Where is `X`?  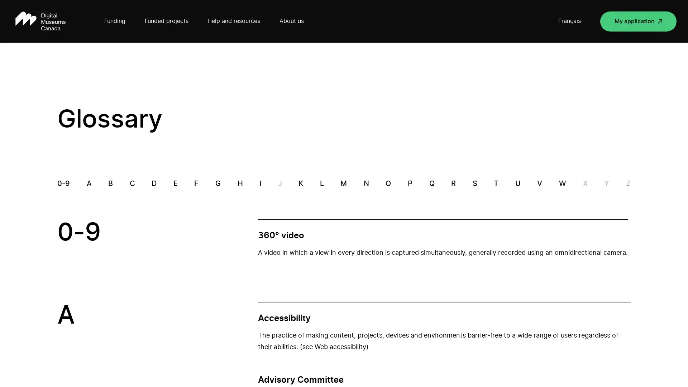
X is located at coordinates (585, 183).